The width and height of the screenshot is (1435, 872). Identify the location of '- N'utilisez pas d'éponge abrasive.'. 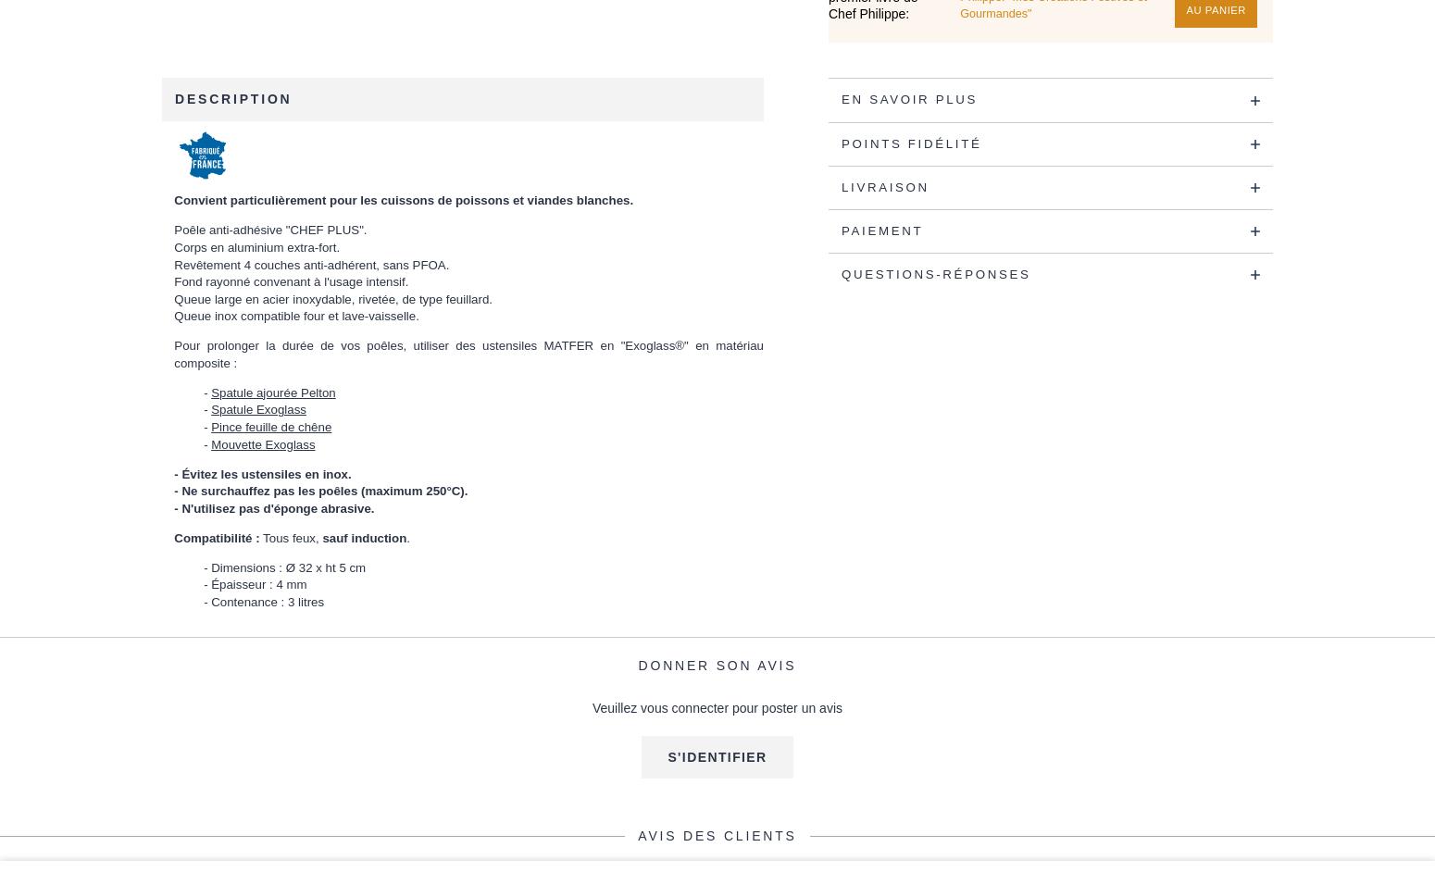
(274, 506).